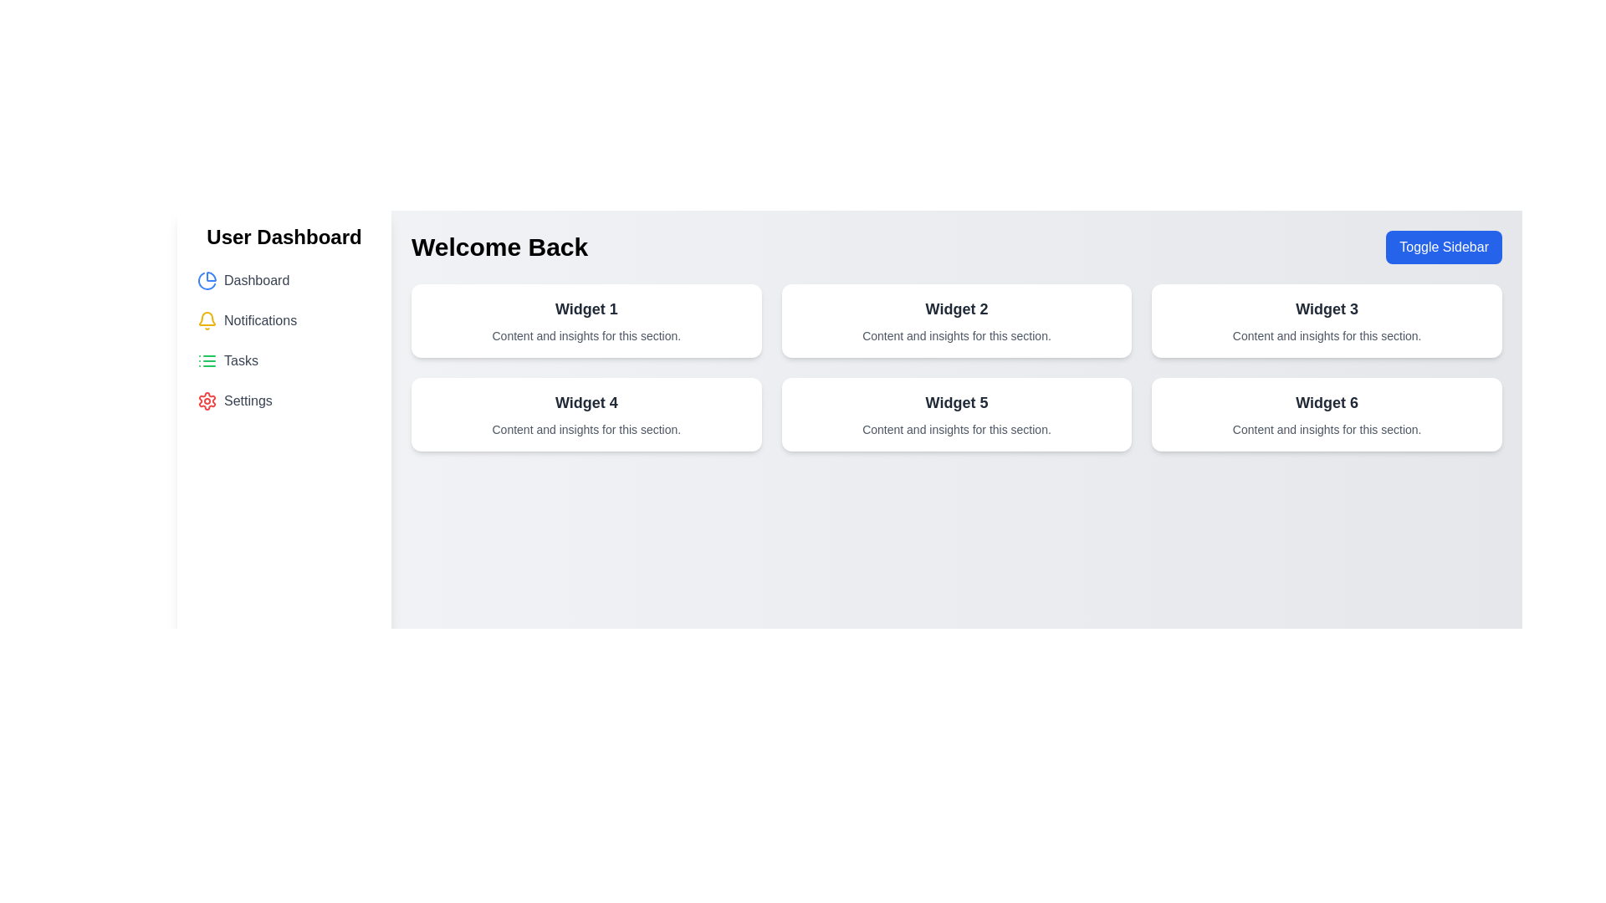 This screenshot has height=903, width=1606. What do you see at coordinates (956, 414) in the screenshot?
I see `the Card located at the bottom-right corner of the leftmost three-column group in the second row` at bounding box center [956, 414].